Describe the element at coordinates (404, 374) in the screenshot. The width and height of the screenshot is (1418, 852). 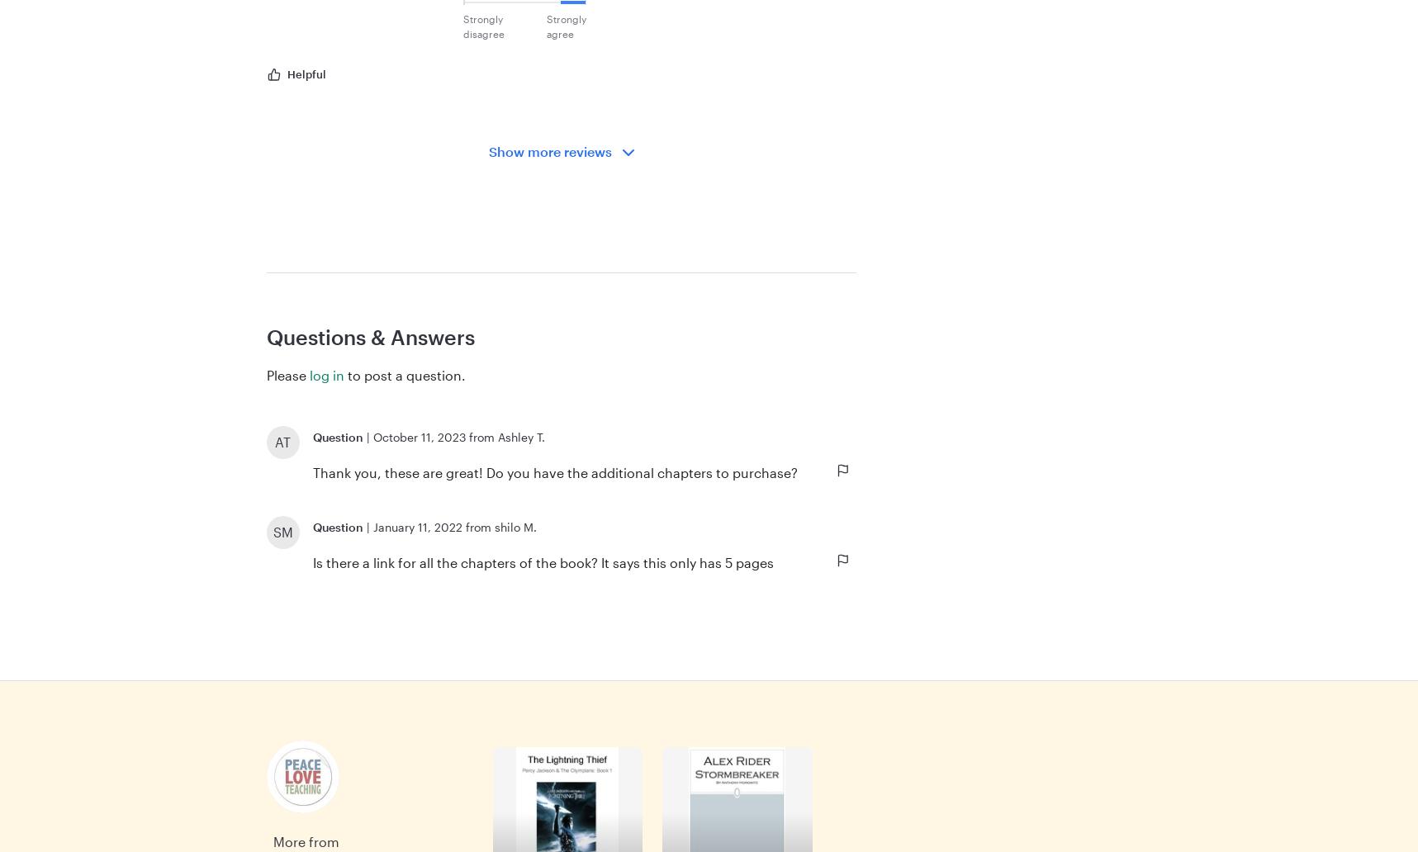
I see `'to post a question.'` at that location.